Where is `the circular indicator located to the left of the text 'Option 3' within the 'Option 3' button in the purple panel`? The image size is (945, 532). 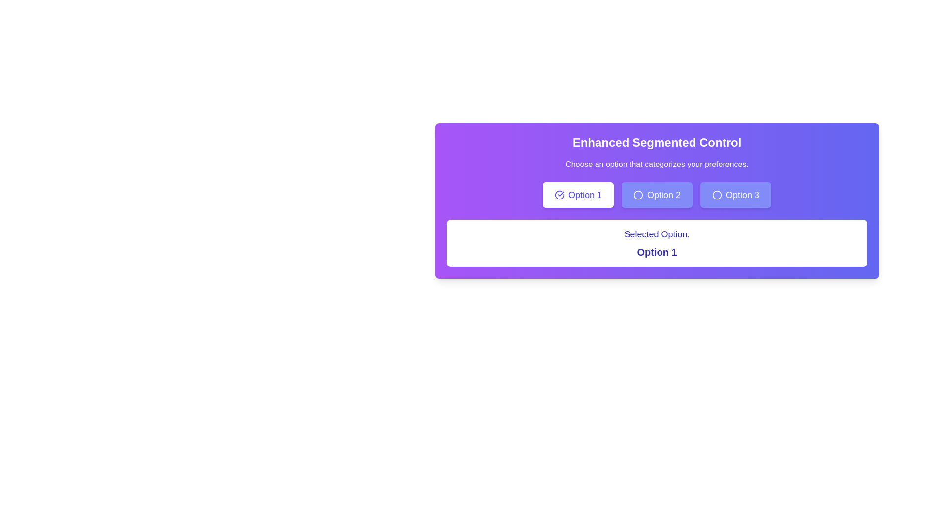 the circular indicator located to the left of the text 'Option 3' within the 'Option 3' button in the purple panel is located at coordinates (717, 195).